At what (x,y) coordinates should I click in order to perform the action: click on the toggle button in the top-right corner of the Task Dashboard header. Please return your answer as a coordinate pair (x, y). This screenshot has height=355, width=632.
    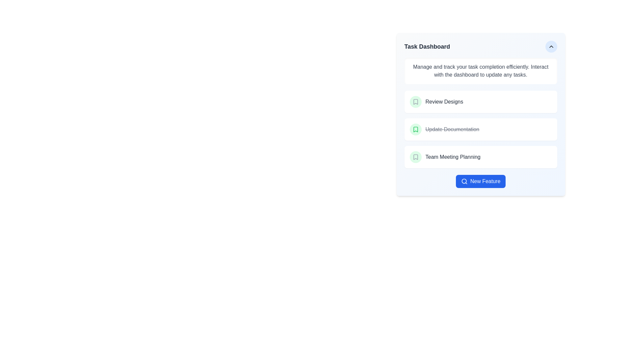
    Looking at the image, I should click on (551, 46).